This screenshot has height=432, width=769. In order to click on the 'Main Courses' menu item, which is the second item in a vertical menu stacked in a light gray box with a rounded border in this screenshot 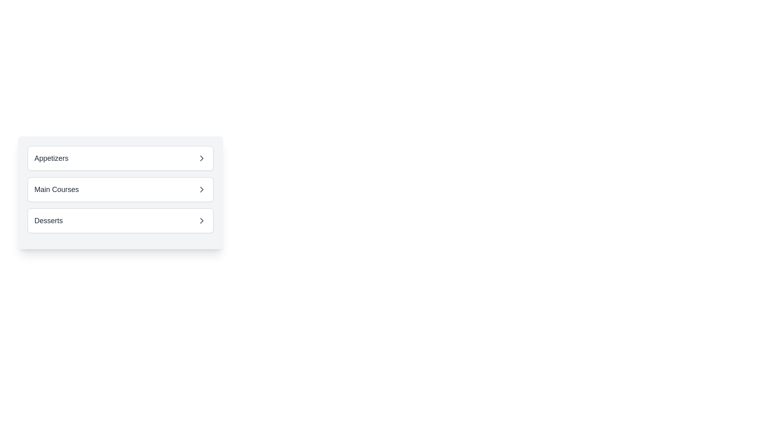, I will do `click(120, 193)`.